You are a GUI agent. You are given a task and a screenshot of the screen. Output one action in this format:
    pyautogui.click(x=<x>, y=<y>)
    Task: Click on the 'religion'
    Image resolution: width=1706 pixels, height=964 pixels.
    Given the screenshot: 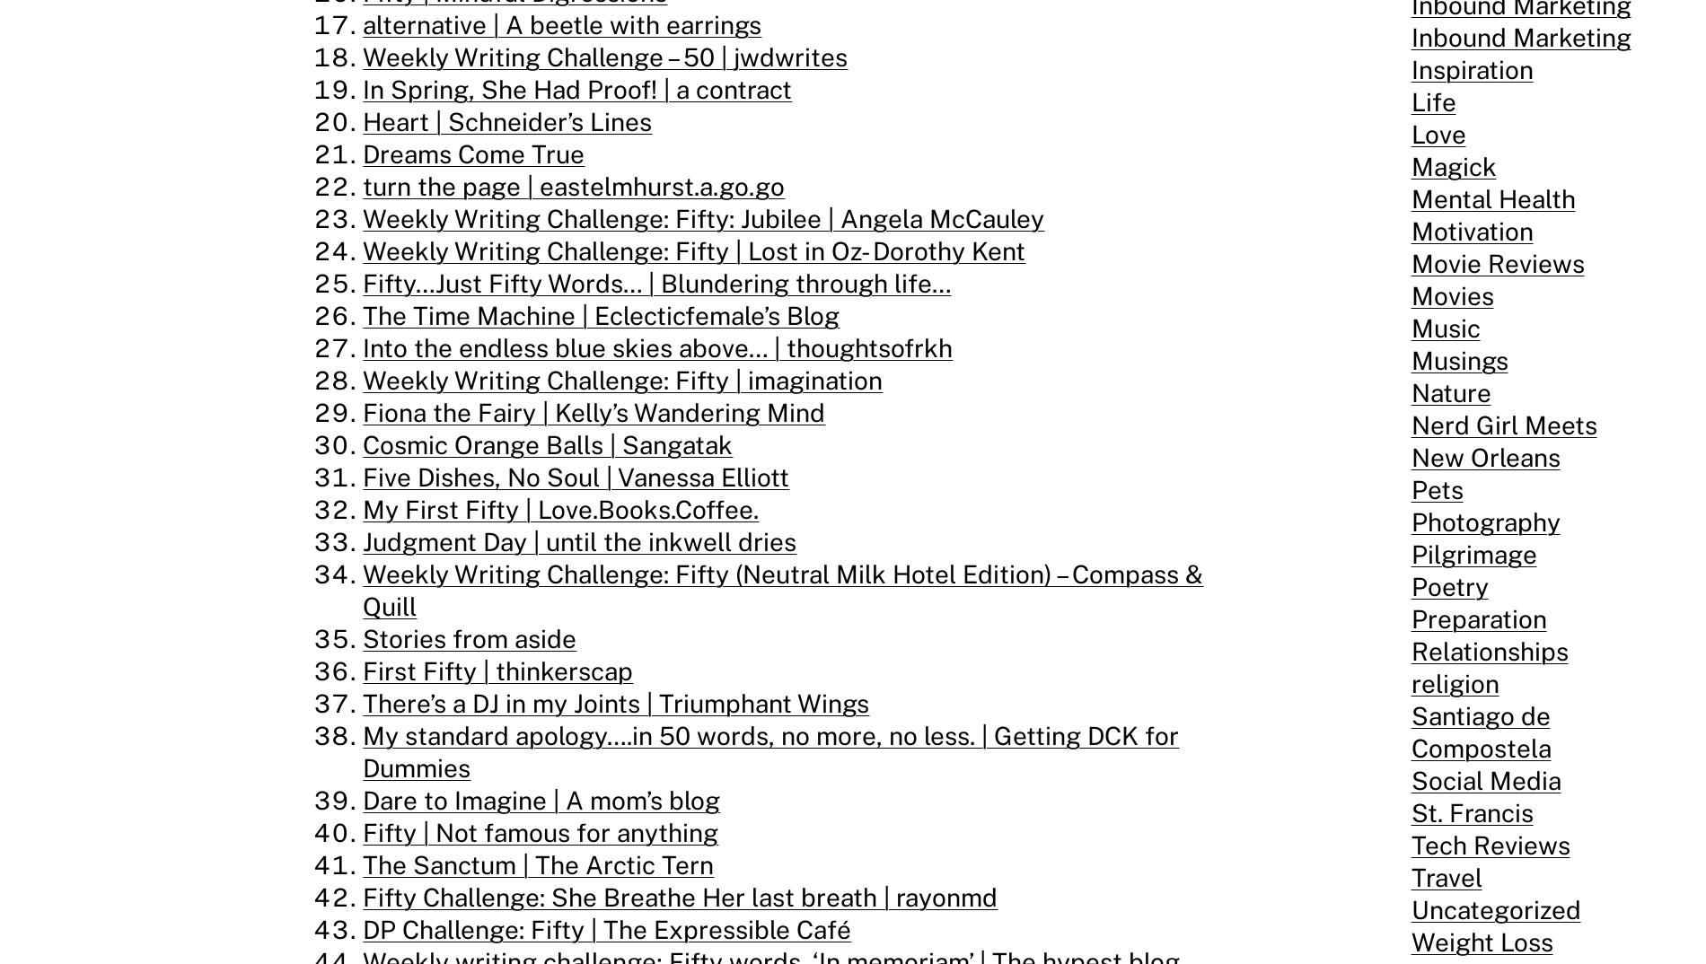 What is the action you would take?
    pyautogui.click(x=1454, y=682)
    